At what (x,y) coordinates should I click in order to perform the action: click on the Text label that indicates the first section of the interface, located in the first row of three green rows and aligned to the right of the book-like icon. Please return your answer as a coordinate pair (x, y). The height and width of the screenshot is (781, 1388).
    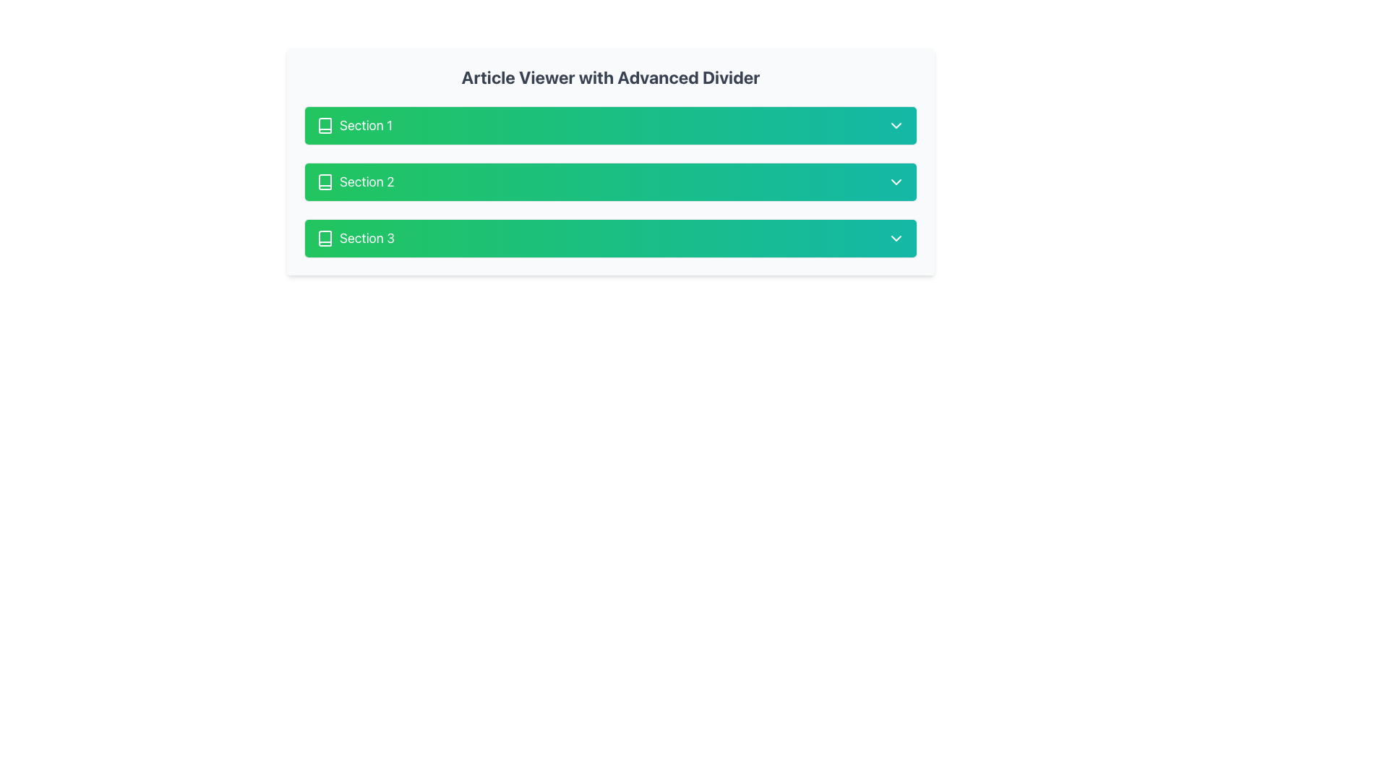
    Looking at the image, I should click on (366, 124).